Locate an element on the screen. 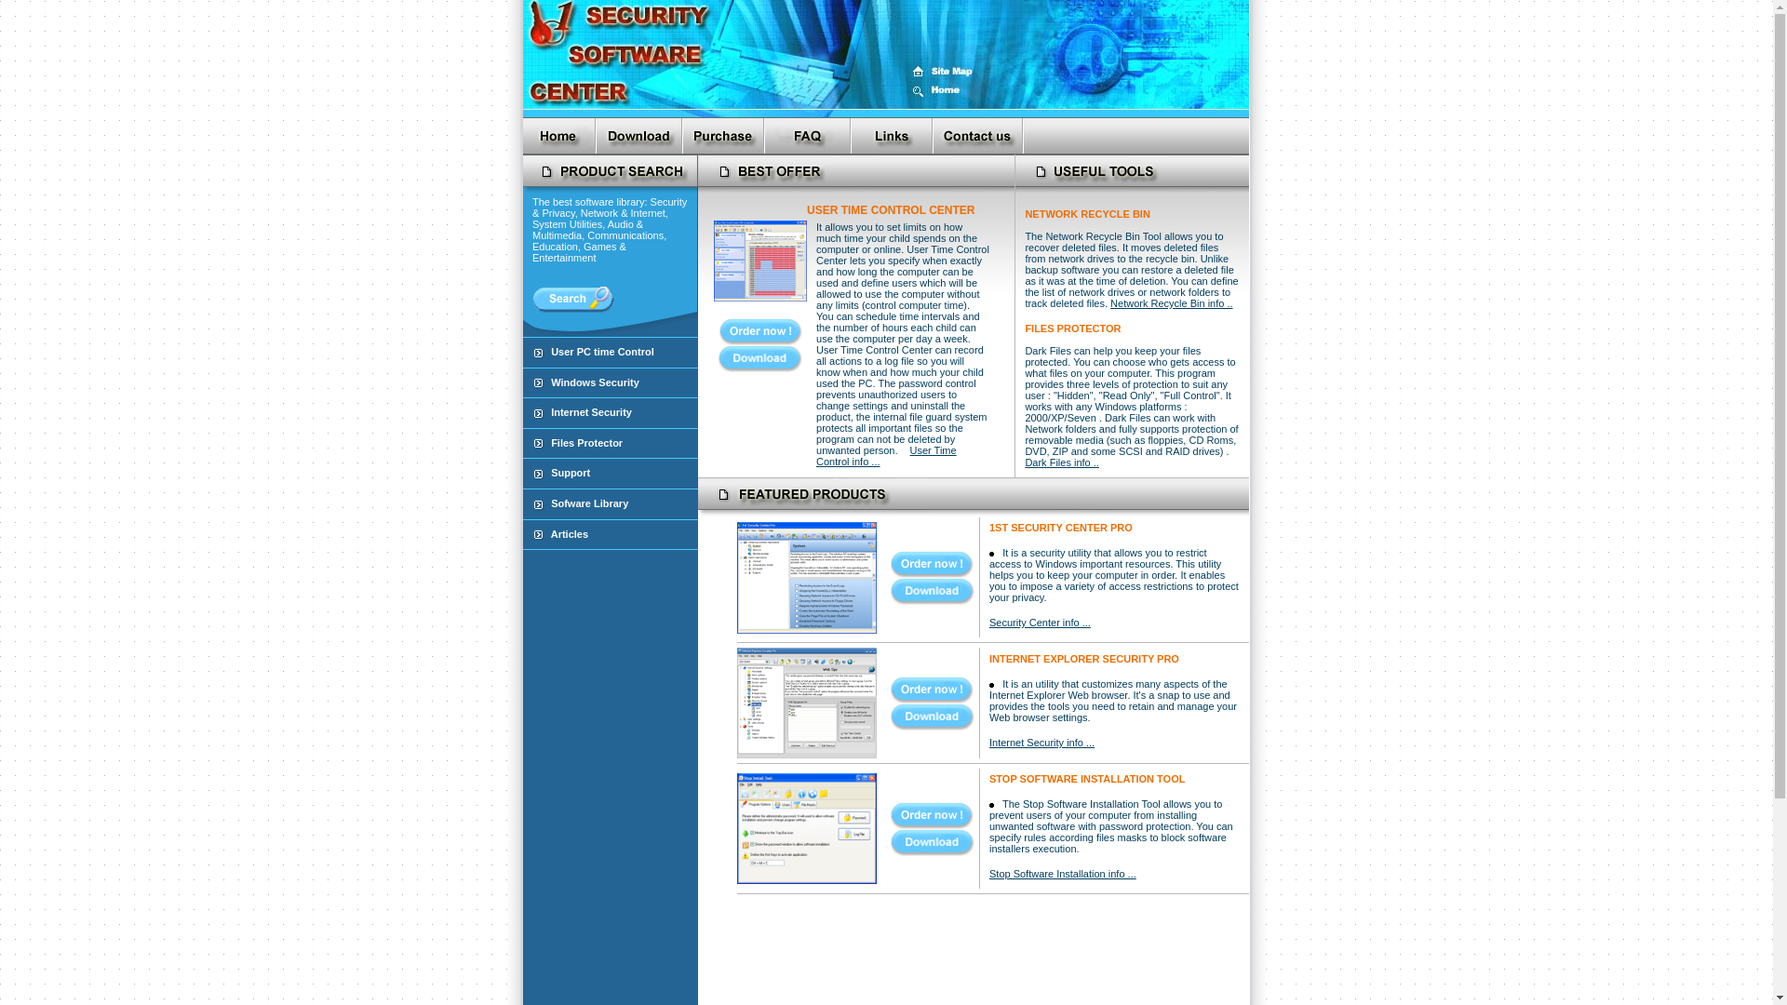  'Dark Files info ..' is located at coordinates (1061, 462).